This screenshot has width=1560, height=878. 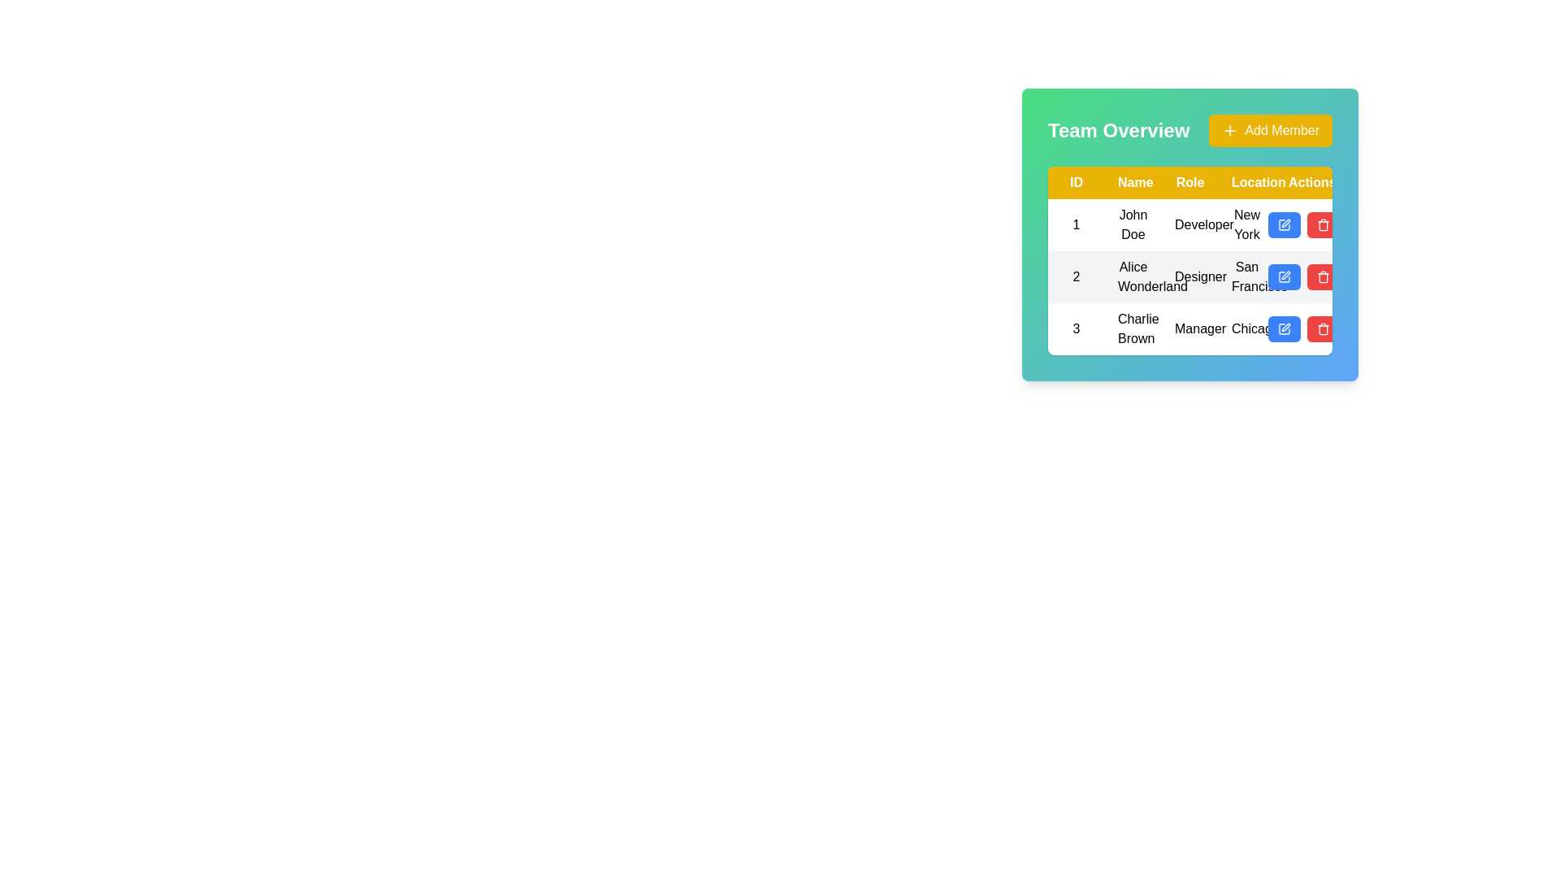 I want to click on the blue button with a pencil icon in the 'Actions' column of the second row for 'Alice Wonderland', so click(x=1283, y=276).